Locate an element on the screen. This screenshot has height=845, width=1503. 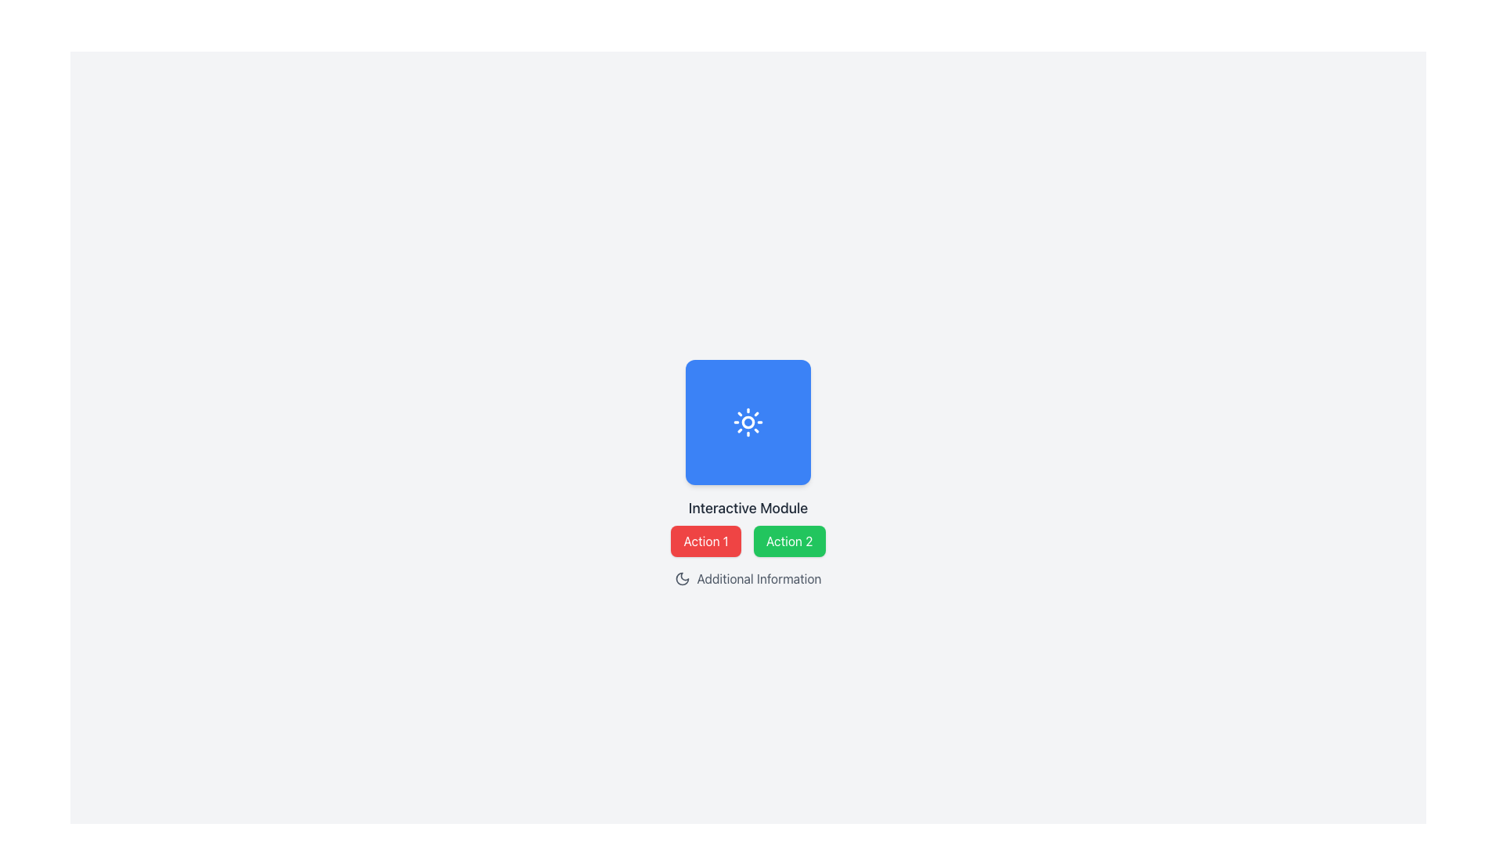
the text label located in the lower-center region of the interface, which provides additional descriptive information and is positioned to the right of a moon-shaped icon, below the 'Action 1' and 'Action 2' buttons is located at coordinates (759, 579).